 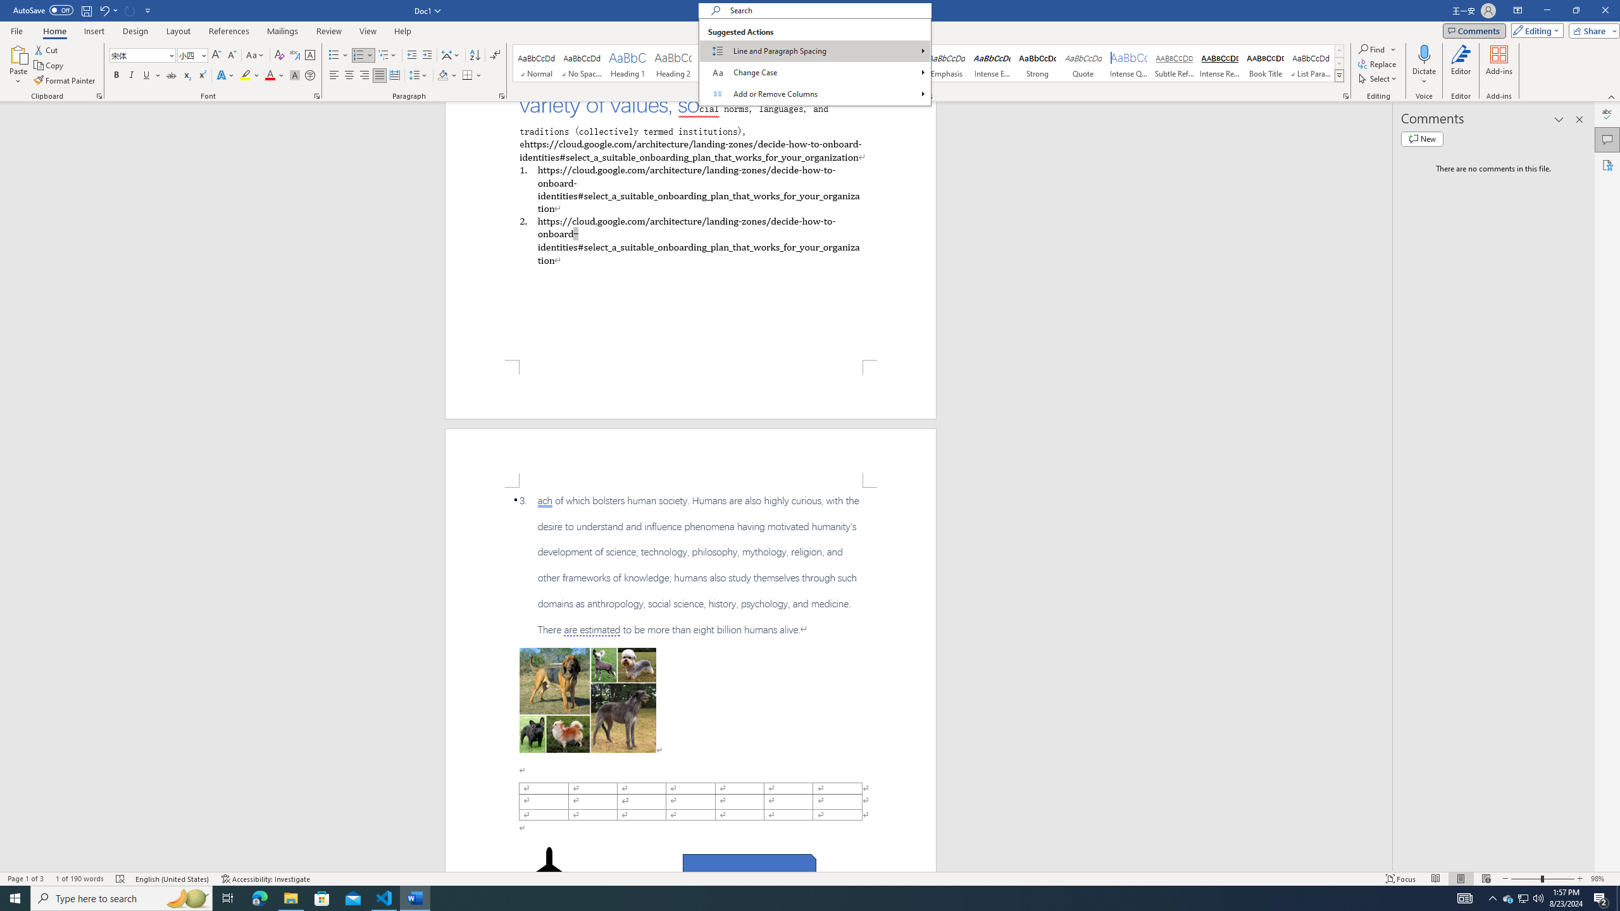 I want to click on 'System', so click(x=7, y=6).